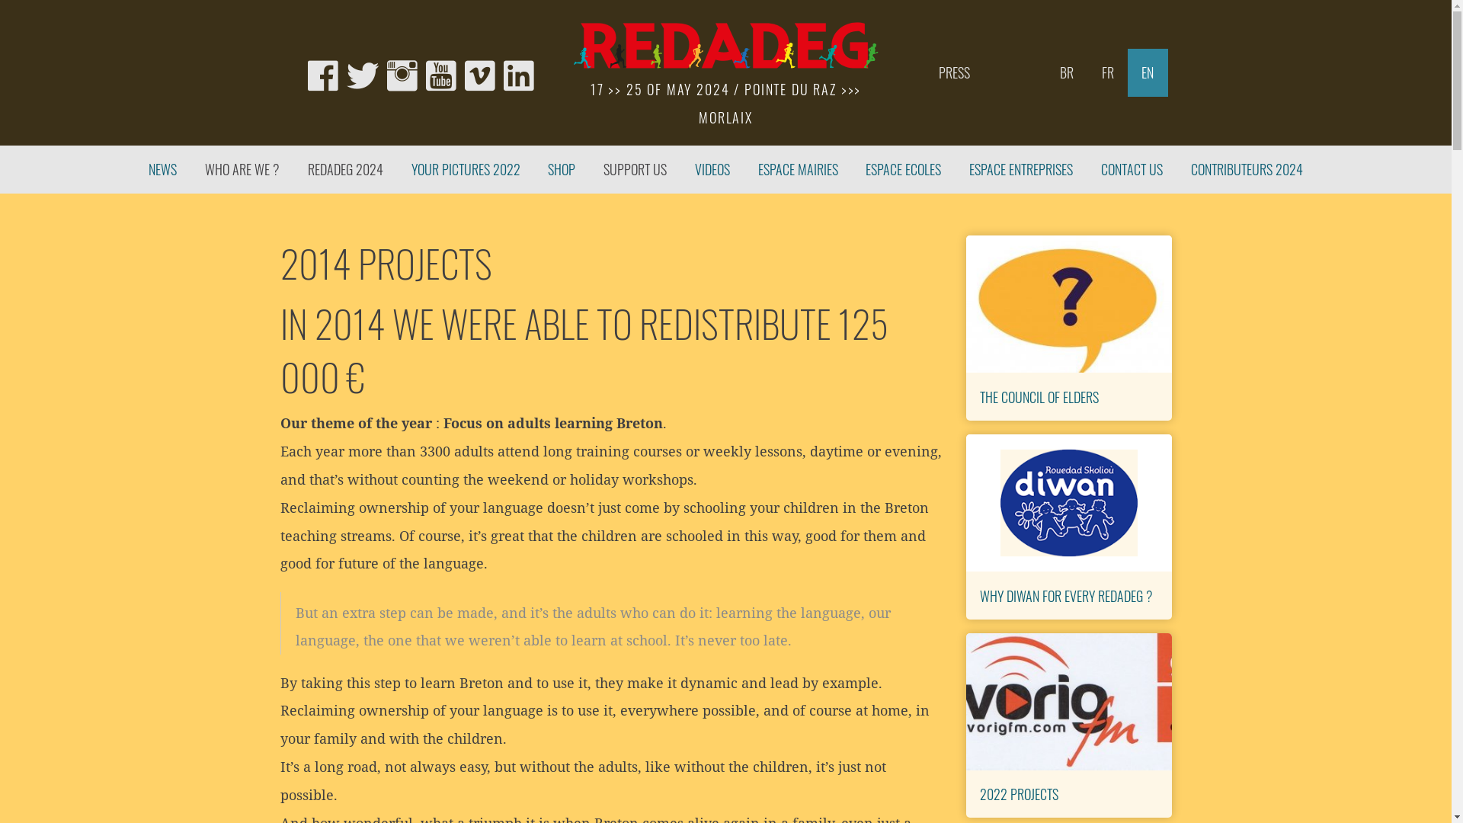 This screenshot has height=823, width=1463. What do you see at coordinates (1132, 169) in the screenshot?
I see `'CONTACT US'` at bounding box center [1132, 169].